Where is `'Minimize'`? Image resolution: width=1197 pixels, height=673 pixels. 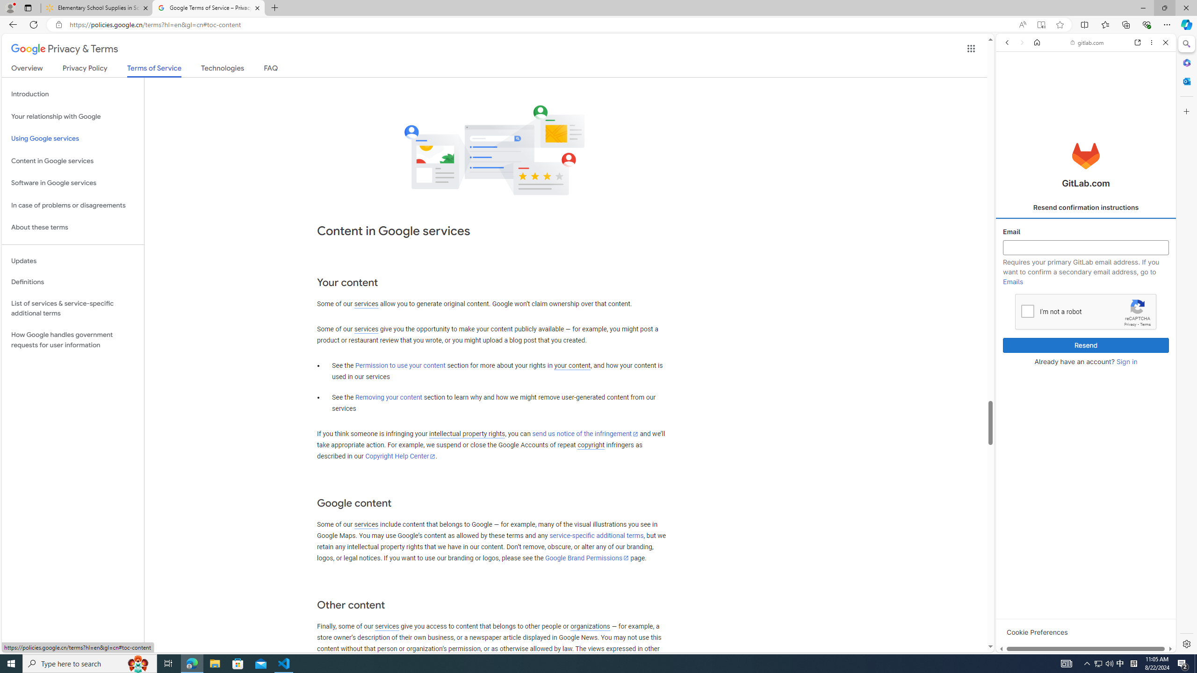
'Minimize' is located at coordinates (1142, 7).